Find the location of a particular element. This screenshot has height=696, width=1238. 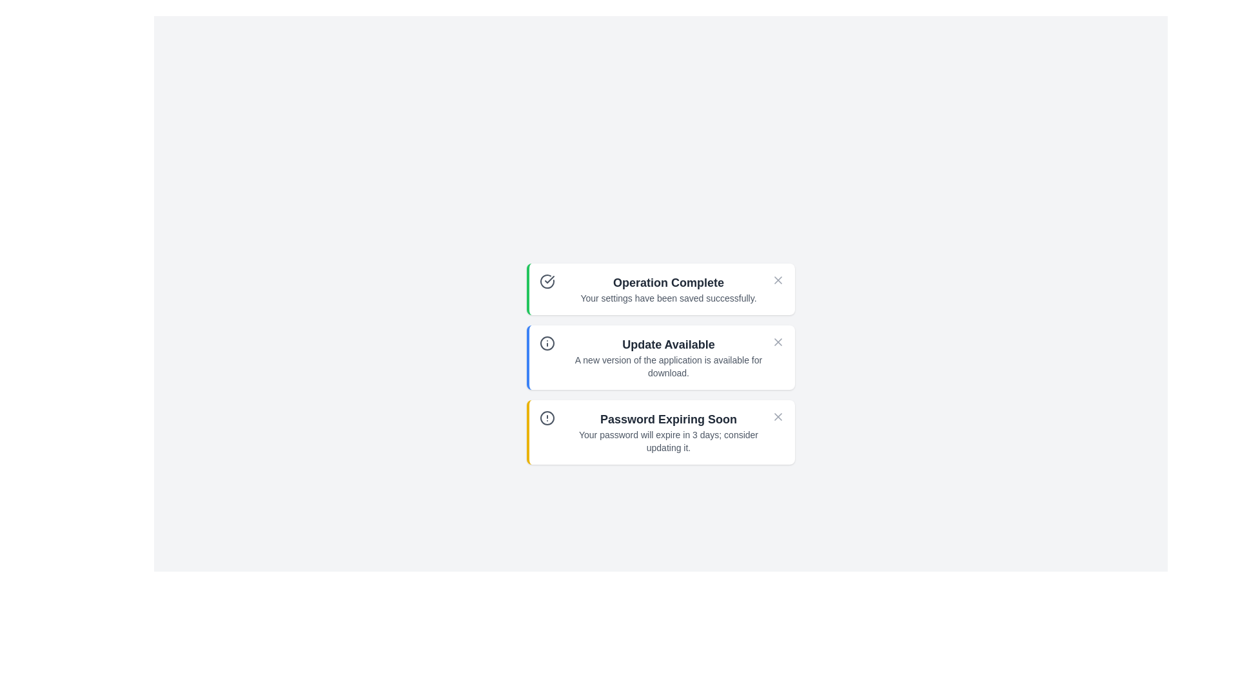

the informational icon located at the leftmost part of the 'Update Available' notification box is located at coordinates (547, 342).